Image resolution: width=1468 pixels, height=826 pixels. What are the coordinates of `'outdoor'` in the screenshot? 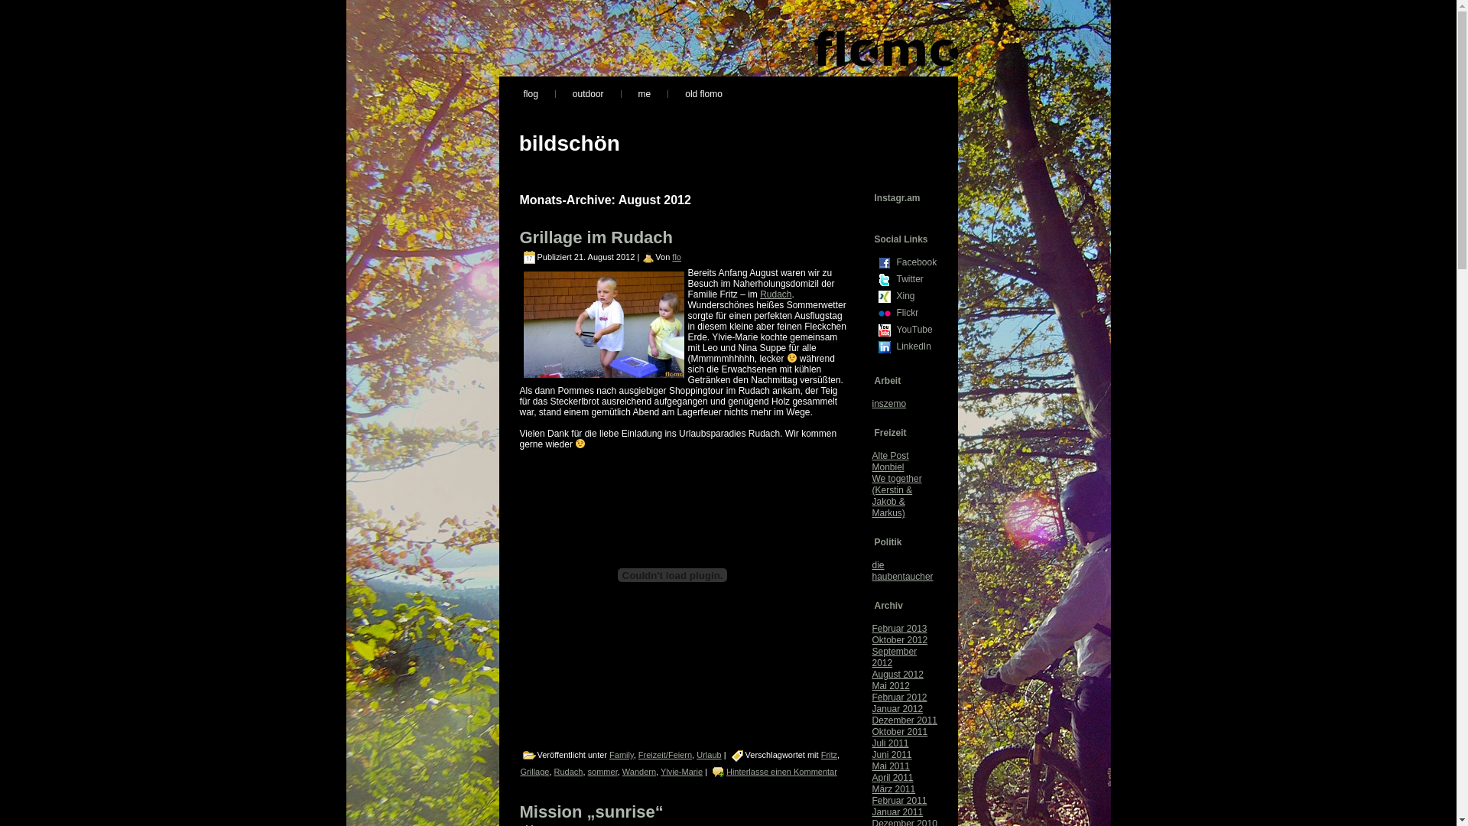 It's located at (587, 94).